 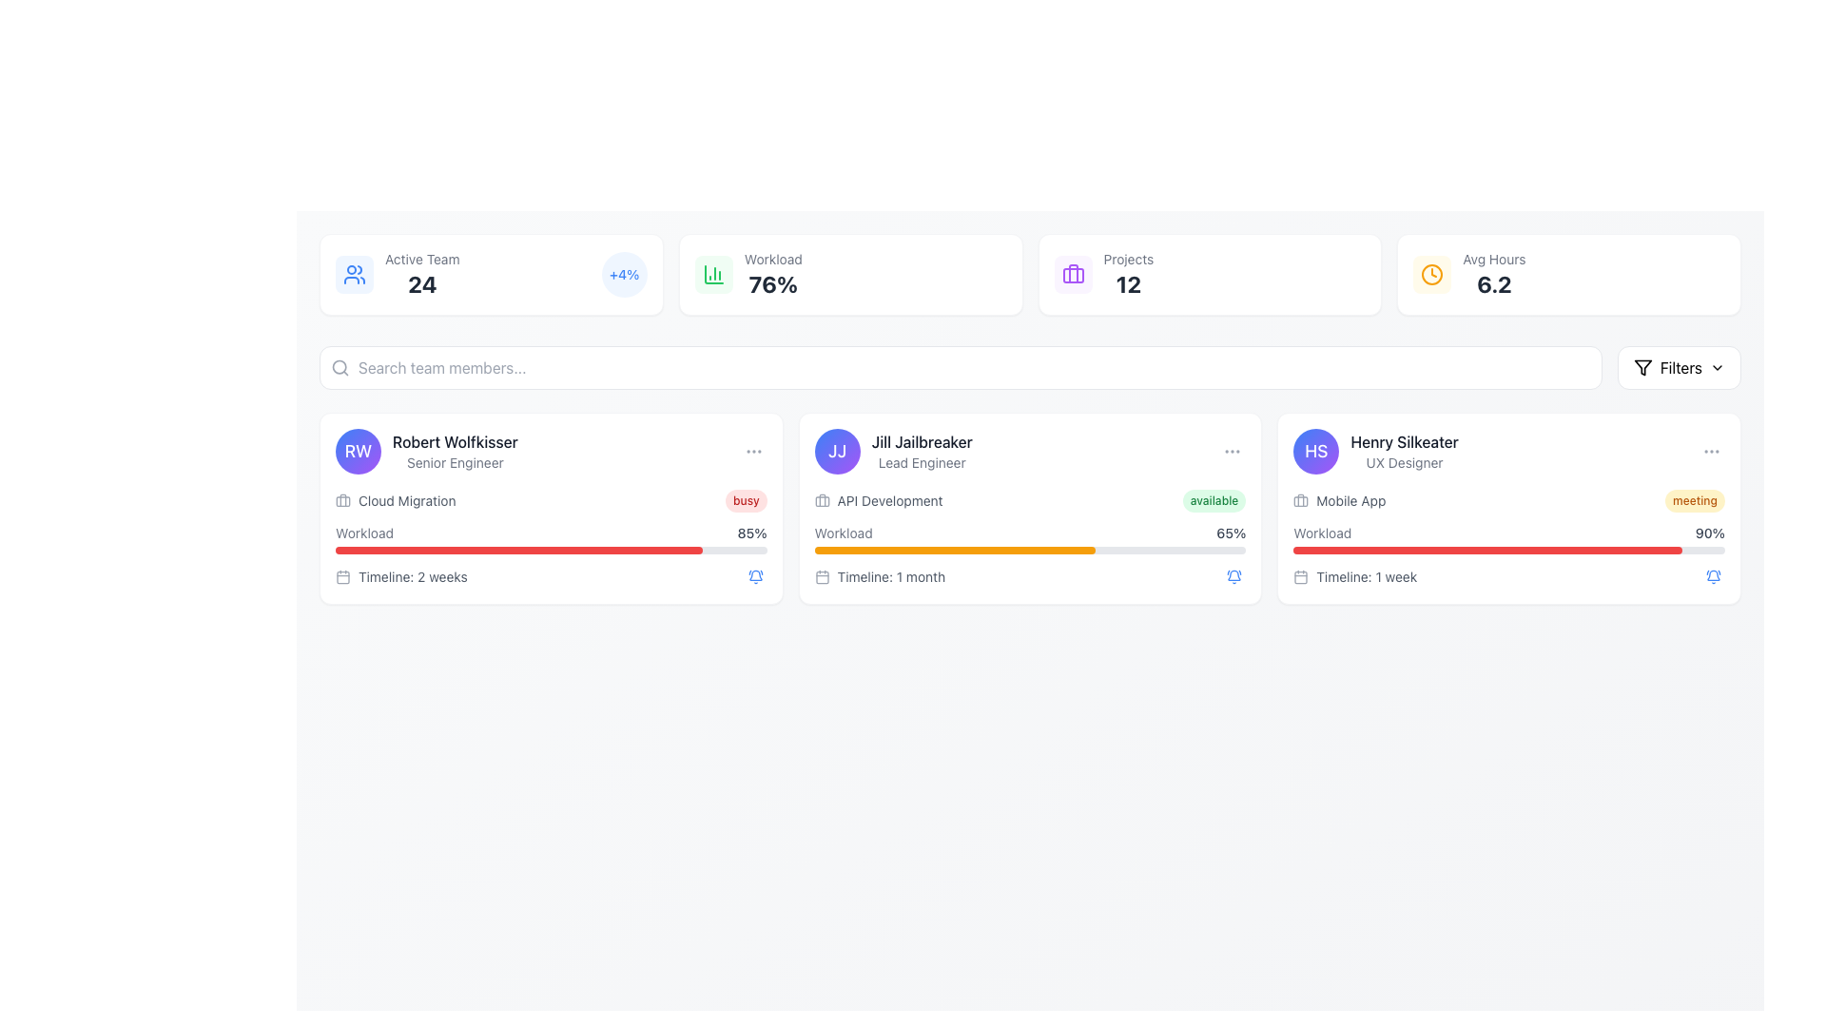 What do you see at coordinates (1713, 575) in the screenshot?
I see `the bell icon located at the bottom-right corner of the user interface associated with user 'Henry Silkeater'` at bounding box center [1713, 575].